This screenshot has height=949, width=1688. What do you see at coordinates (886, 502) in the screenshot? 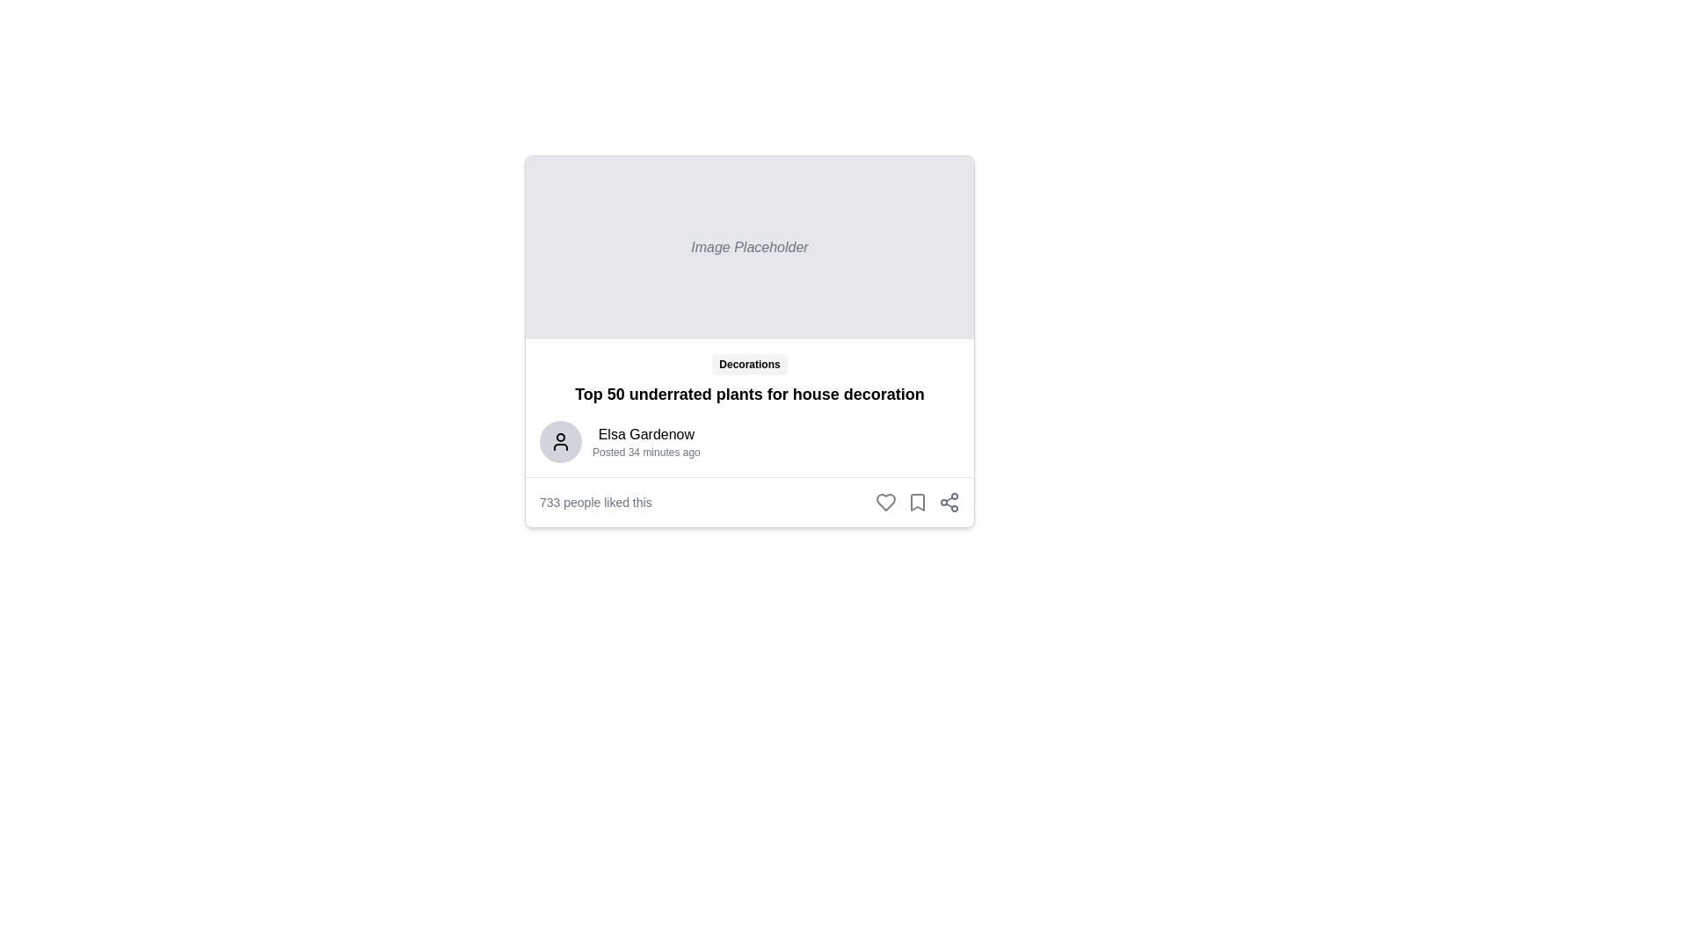
I see `the heart-shaped button located at the bottom-right corner of the card layout` at bounding box center [886, 502].